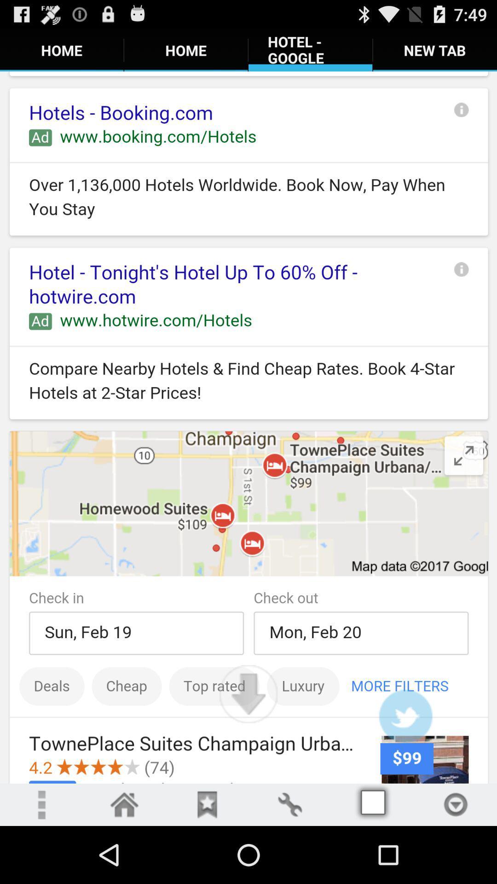 The image size is (497, 884). What do you see at coordinates (40, 804) in the screenshot?
I see `menu` at bounding box center [40, 804].